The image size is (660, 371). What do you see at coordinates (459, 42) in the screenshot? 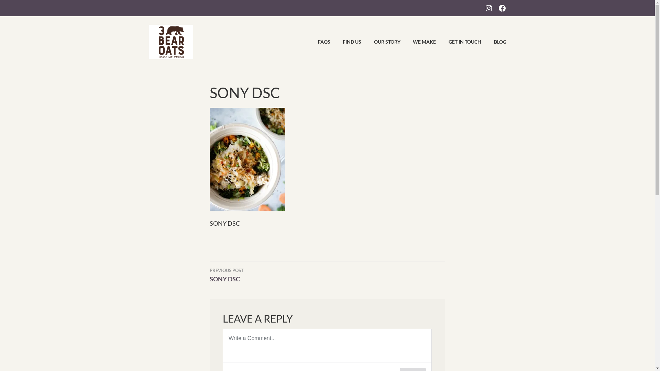
I see `'GET IN TOUCH'` at bounding box center [459, 42].